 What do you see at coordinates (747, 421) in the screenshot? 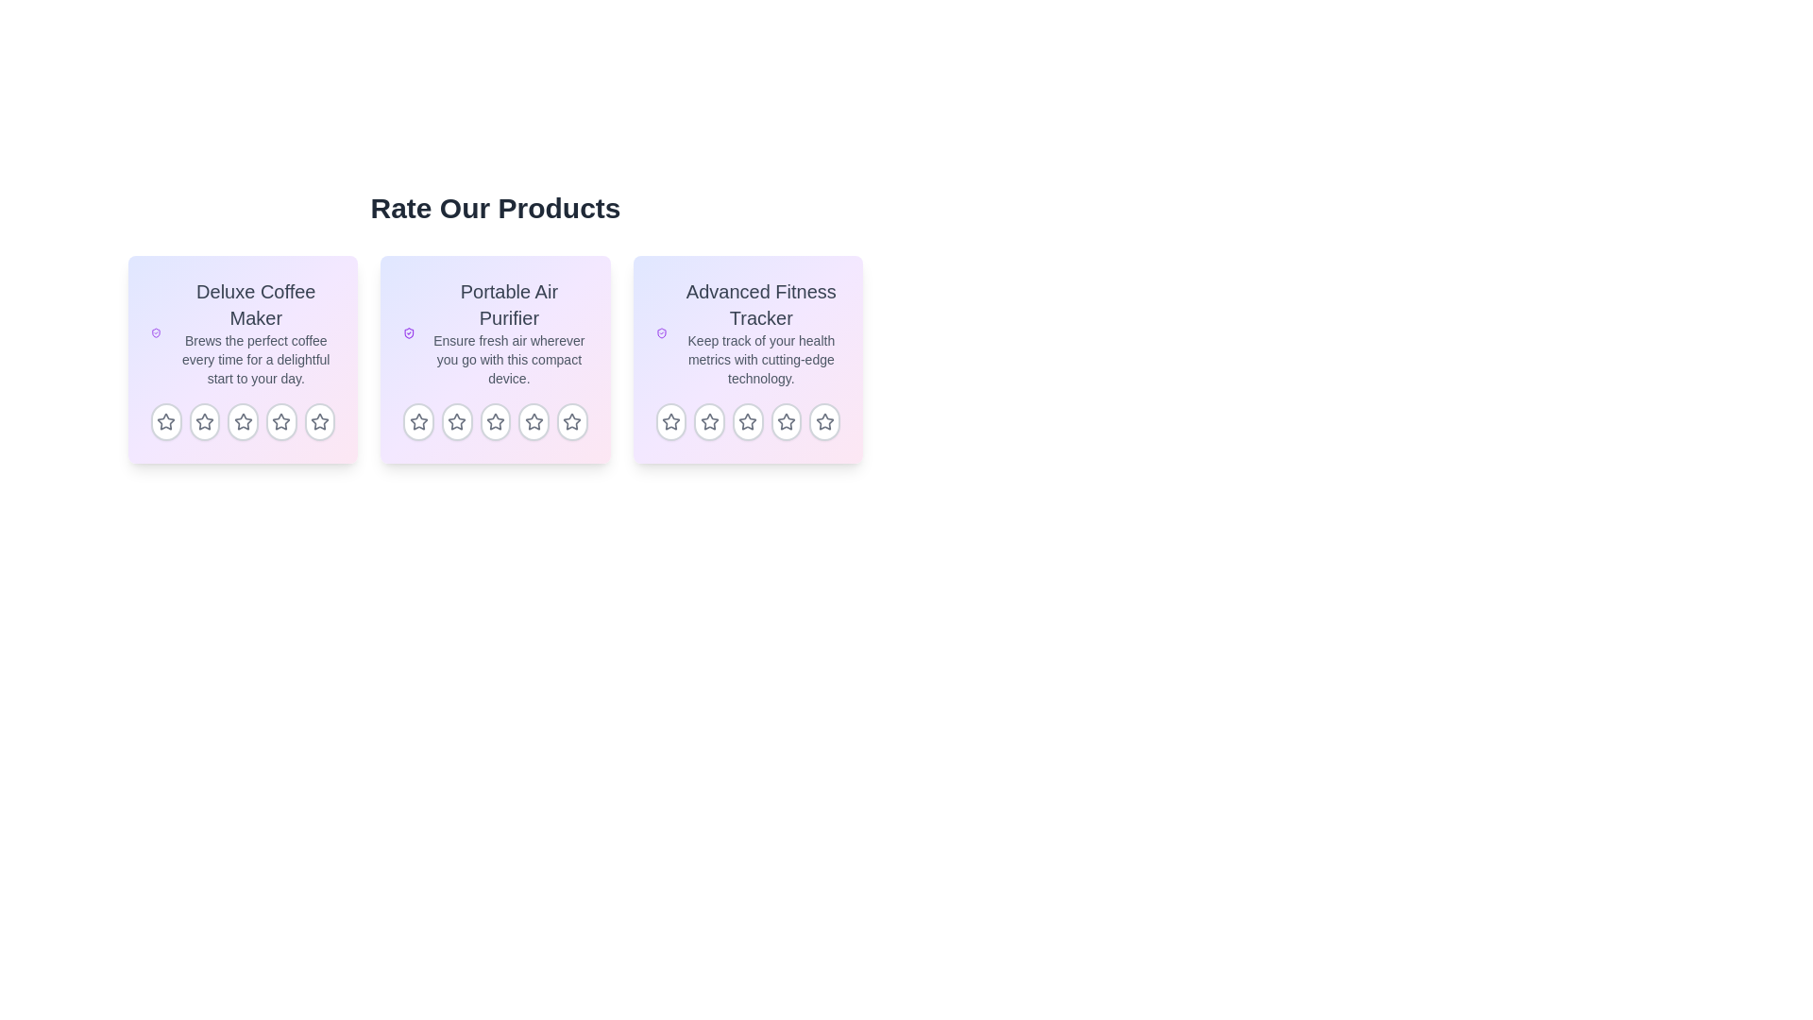
I see `the third star icon in the rating system under 'Advanced Fitness Tracker'` at bounding box center [747, 421].